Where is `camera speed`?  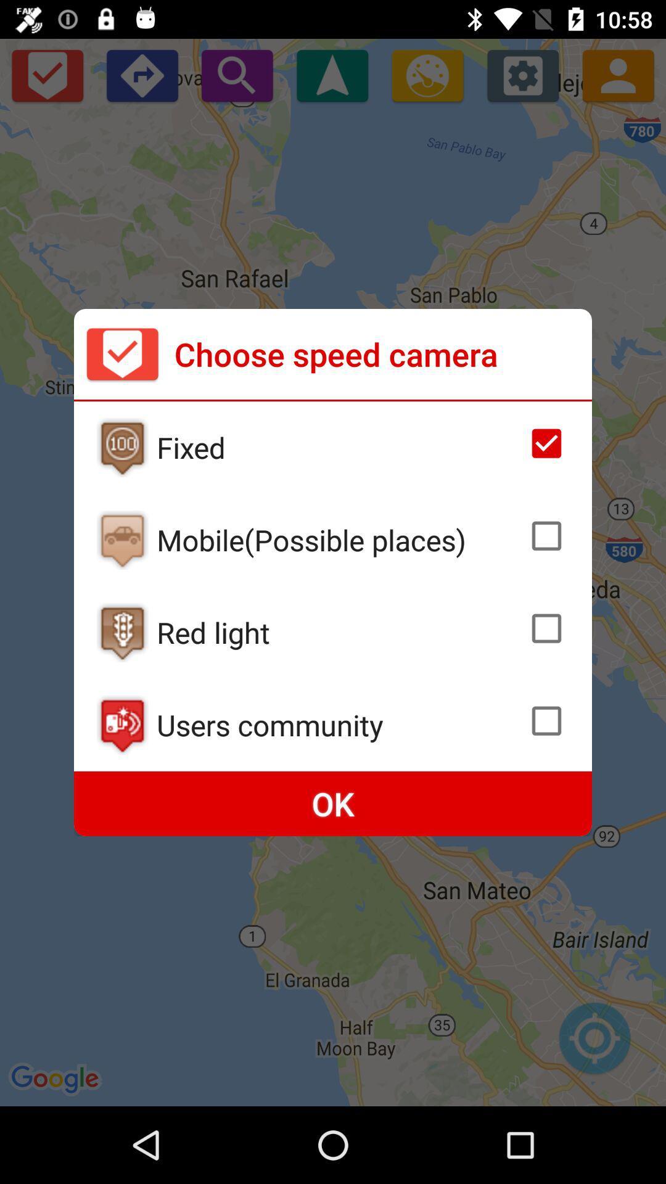 camera speed is located at coordinates (546, 443).